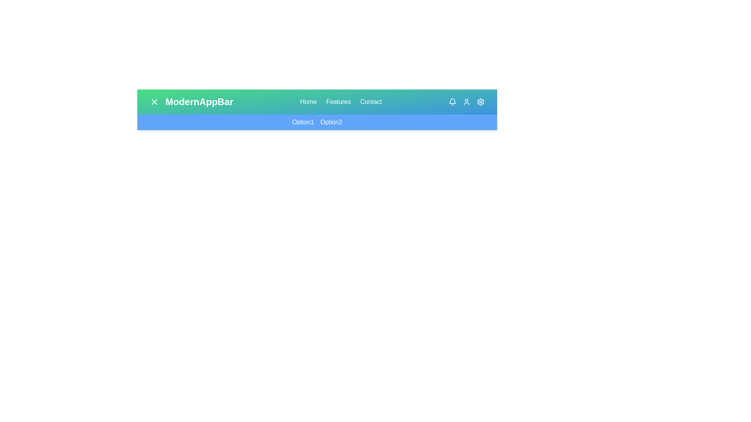 The width and height of the screenshot is (751, 422). What do you see at coordinates (338, 102) in the screenshot?
I see `the navigation link Features` at bounding box center [338, 102].